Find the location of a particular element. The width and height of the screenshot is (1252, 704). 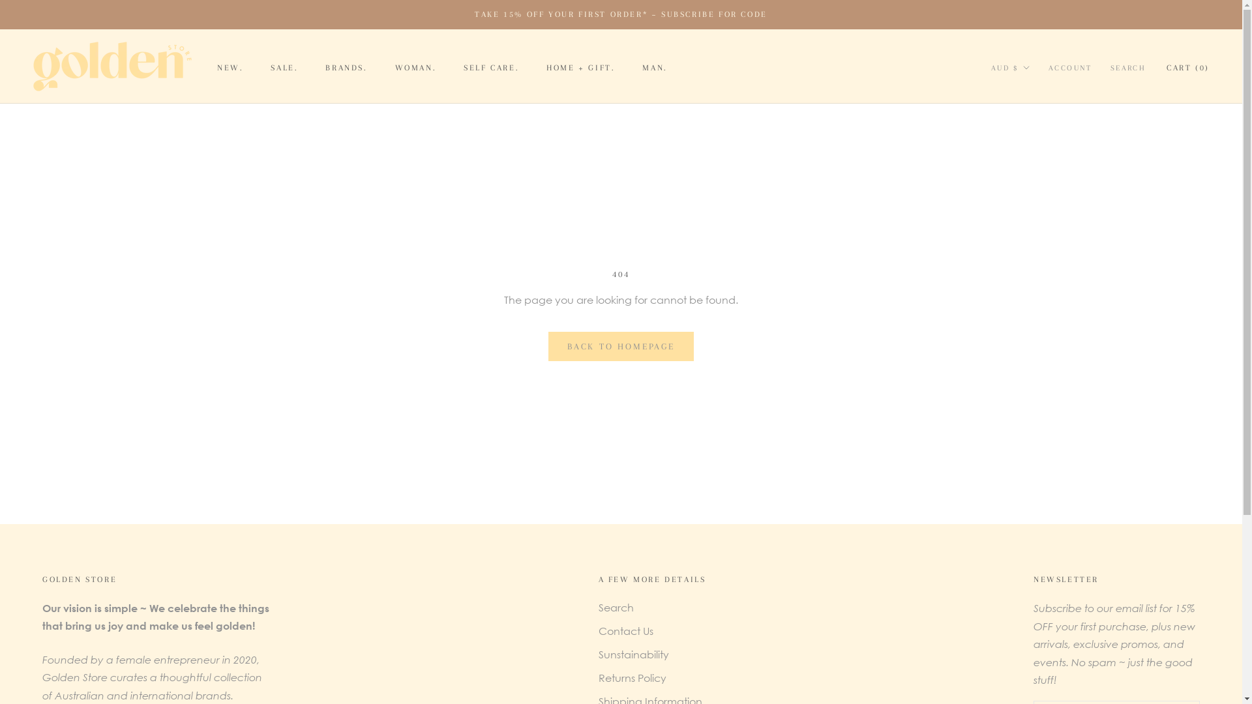

'Search' is located at coordinates (652, 608).